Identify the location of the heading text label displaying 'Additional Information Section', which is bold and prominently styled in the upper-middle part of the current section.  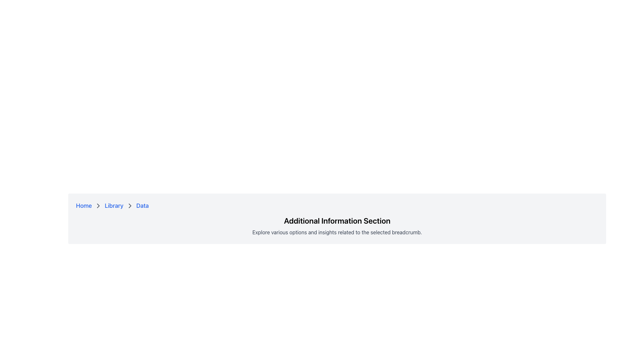
(337, 220).